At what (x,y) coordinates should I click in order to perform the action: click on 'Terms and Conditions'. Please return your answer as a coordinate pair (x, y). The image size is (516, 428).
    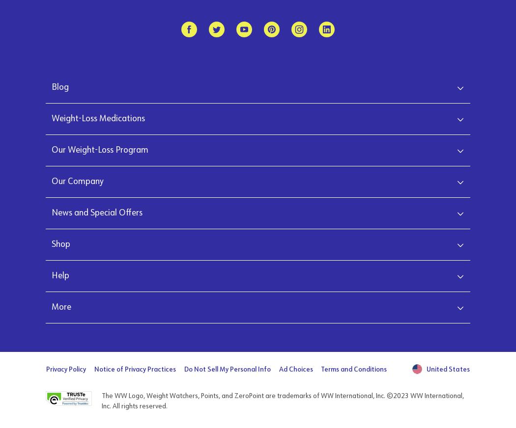
    Looking at the image, I should click on (353, 369).